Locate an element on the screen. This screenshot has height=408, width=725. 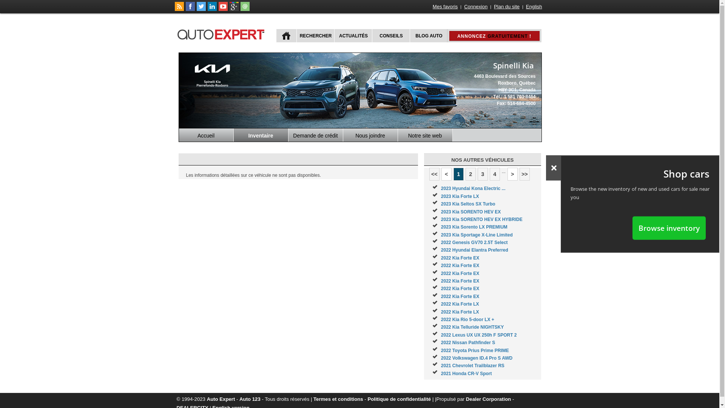
'2023 Kia SORENTO HEV EX HYBRIDE' is located at coordinates (481, 219).